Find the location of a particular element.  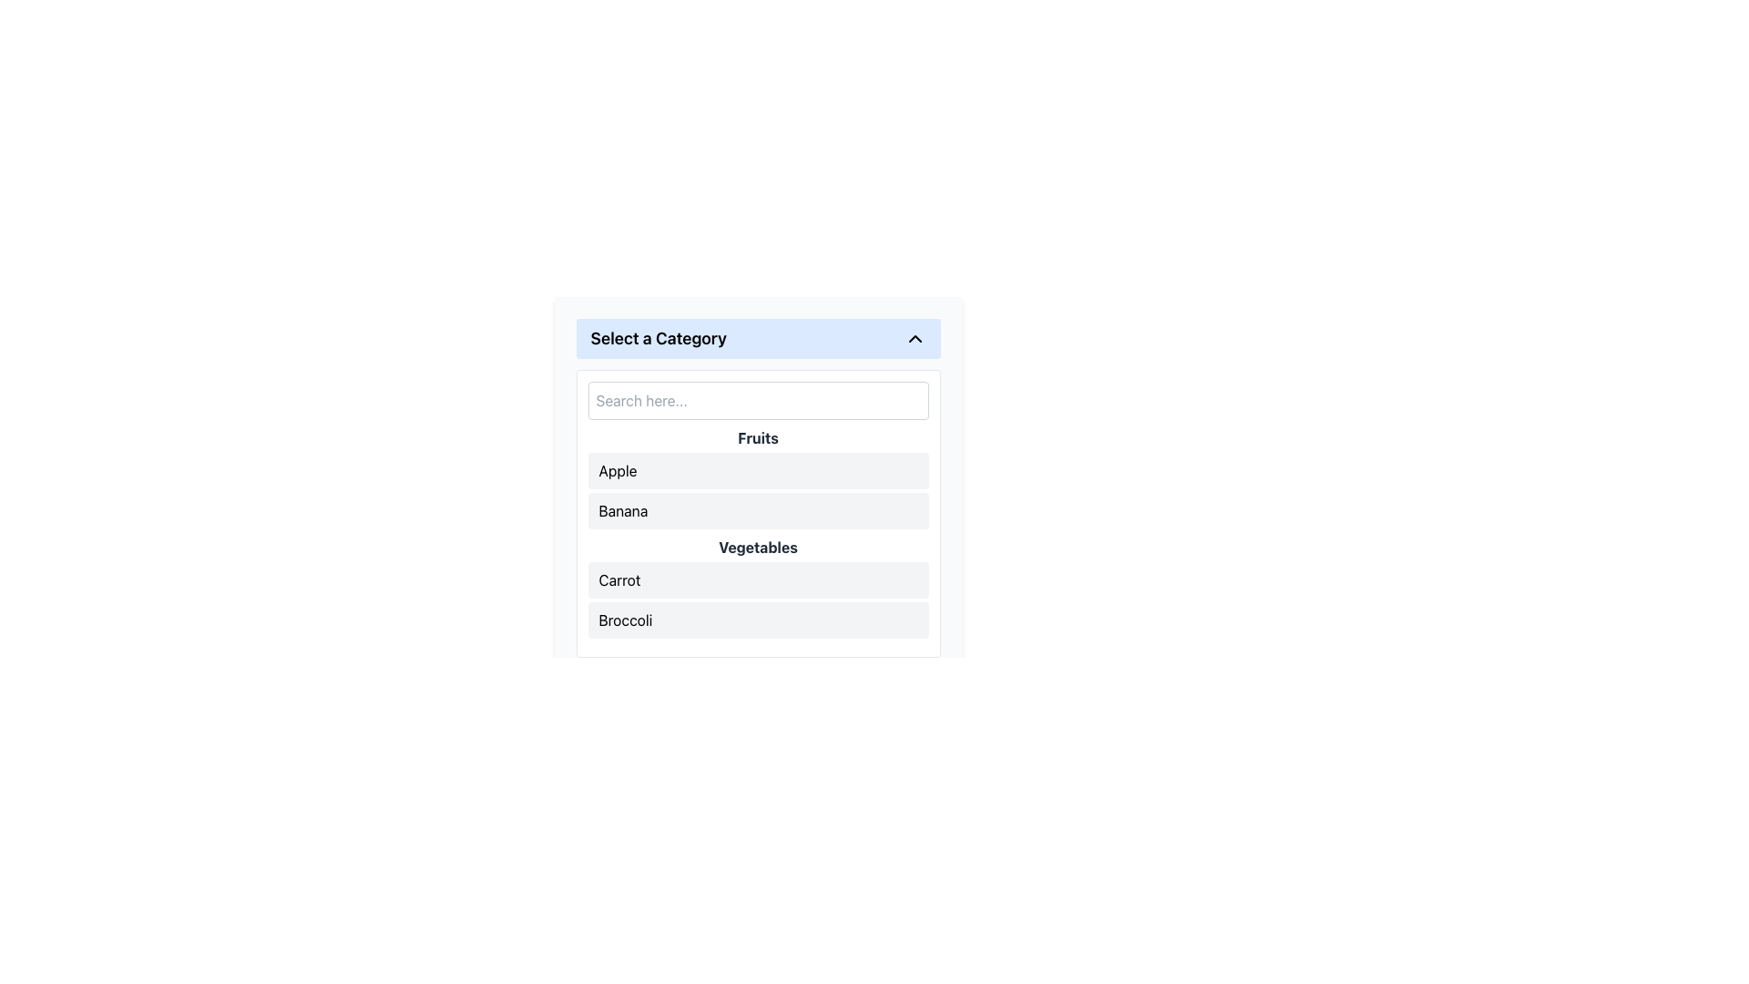

the first list item labeled 'Carrot' in the 'Vegetables' dropdown category is located at coordinates (758, 579).